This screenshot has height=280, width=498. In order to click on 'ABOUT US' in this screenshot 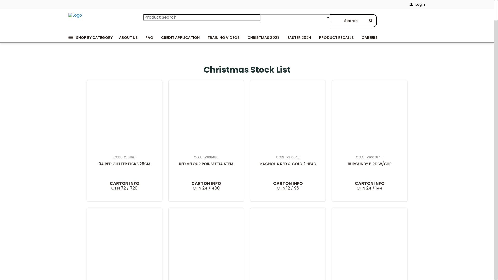, I will do `click(128, 37)`.